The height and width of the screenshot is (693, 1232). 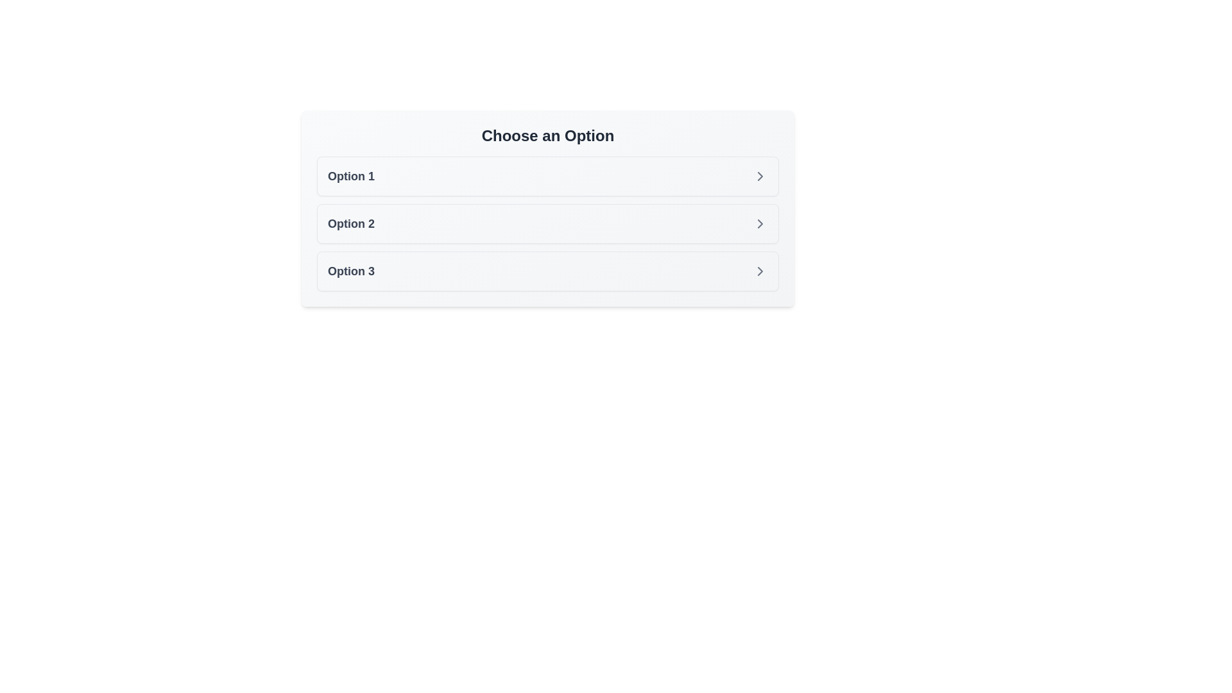 I want to click on the third selectable list item, so click(x=548, y=271).